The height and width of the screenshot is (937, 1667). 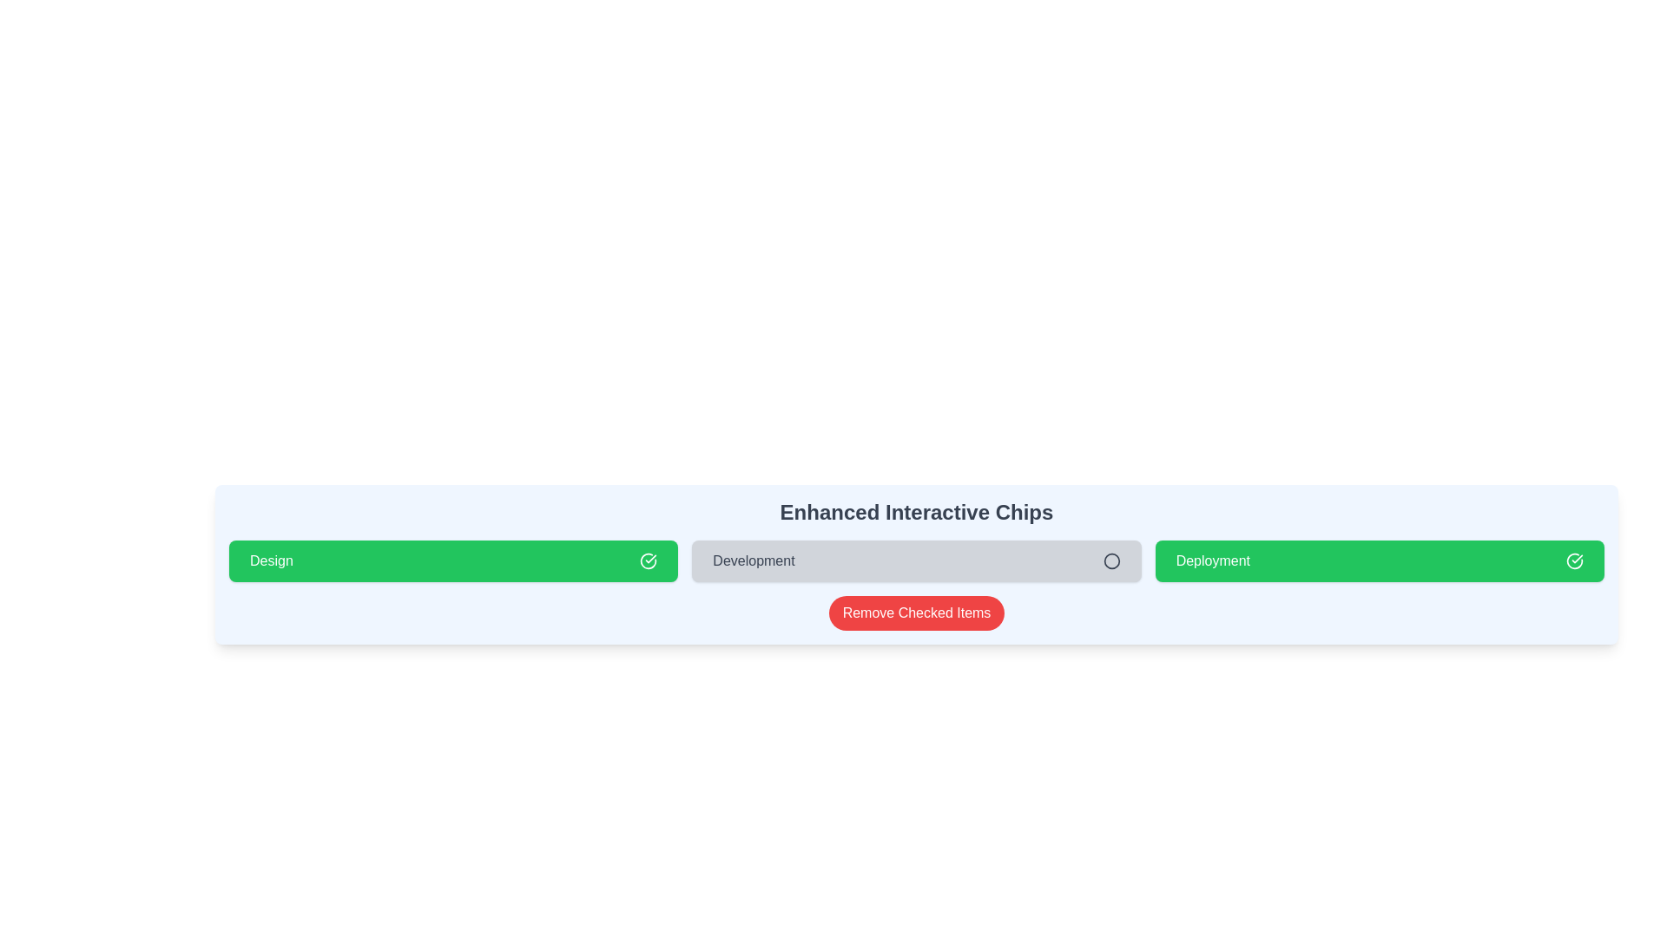 What do you see at coordinates (453, 561) in the screenshot?
I see `the chip labeled 'Design' to observe the hover effect` at bounding box center [453, 561].